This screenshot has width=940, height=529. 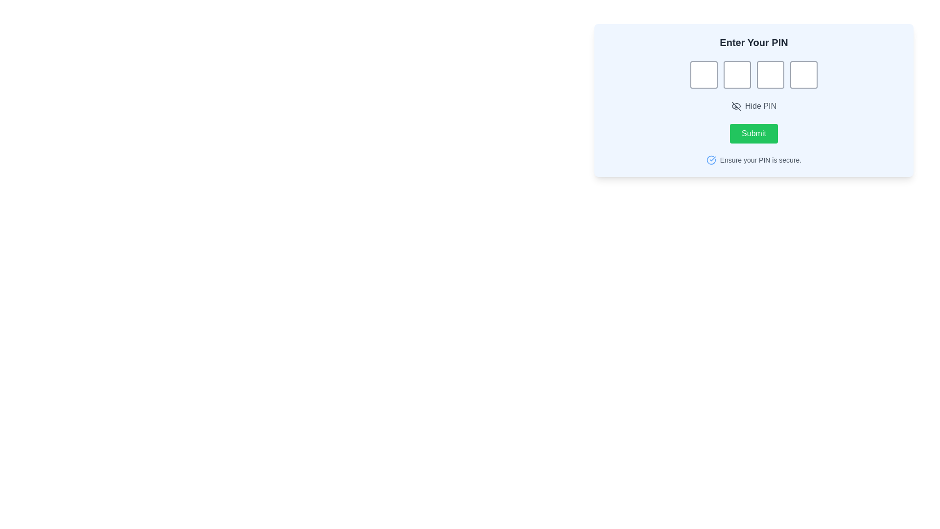 I want to click on the 'Hide PIN' toggle button, which is a rectangular interactive area located below the PIN input fields and features an eye icon to its left, so click(x=753, y=100).